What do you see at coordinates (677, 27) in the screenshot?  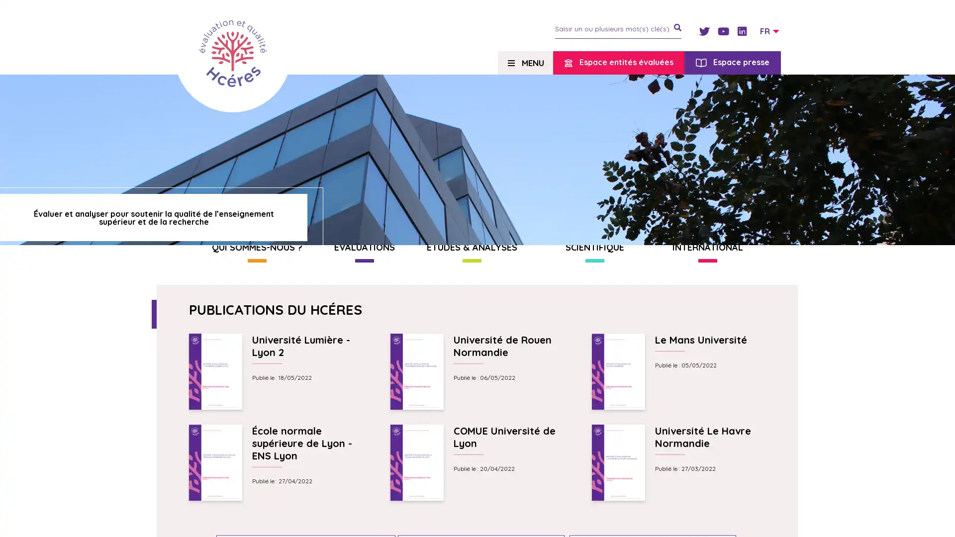 I see `je recherche` at bounding box center [677, 27].